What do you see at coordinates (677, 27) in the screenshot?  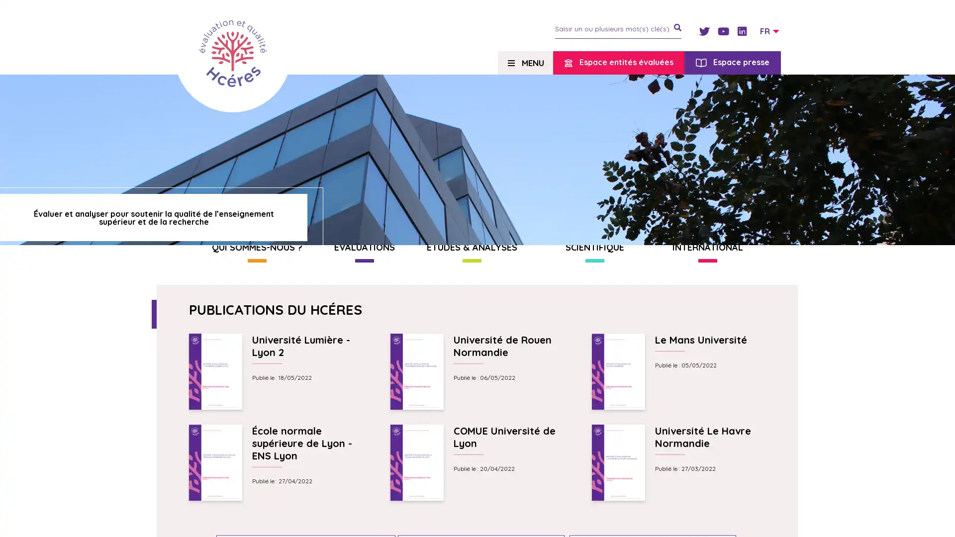 I see `je recherche` at bounding box center [677, 27].